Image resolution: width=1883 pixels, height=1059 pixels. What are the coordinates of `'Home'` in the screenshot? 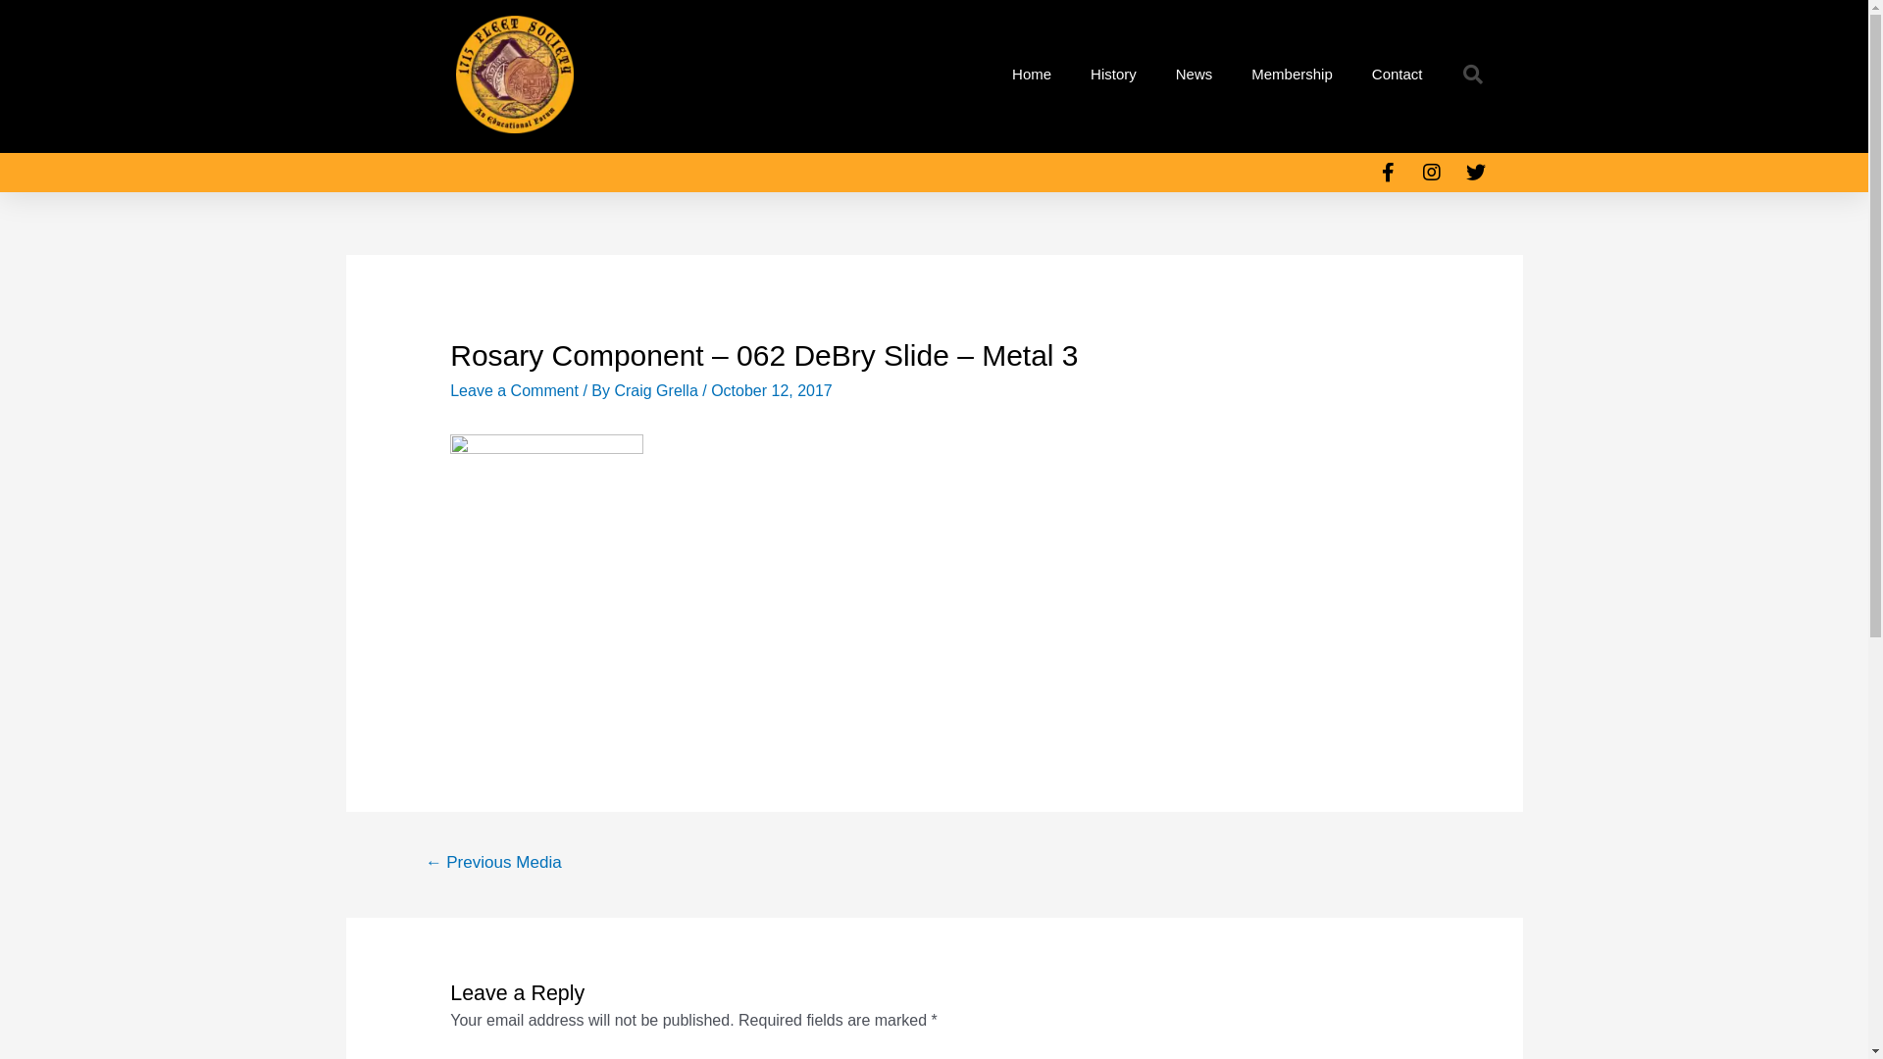 It's located at (1030, 74).